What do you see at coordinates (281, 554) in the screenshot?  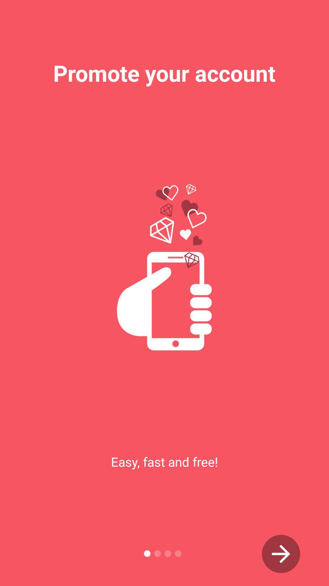 I see `go next arrow` at bounding box center [281, 554].